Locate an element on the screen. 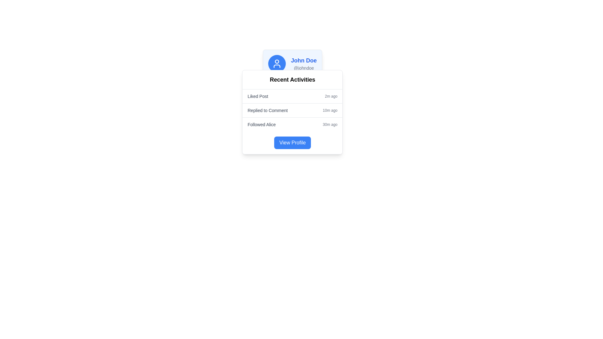 Image resolution: width=603 pixels, height=339 pixels. static text indicating the elapsed time since the activity in the 'Recent Activities' section, specifically the text at the far-right end of the 'Replied to Comment' row is located at coordinates (330, 110).